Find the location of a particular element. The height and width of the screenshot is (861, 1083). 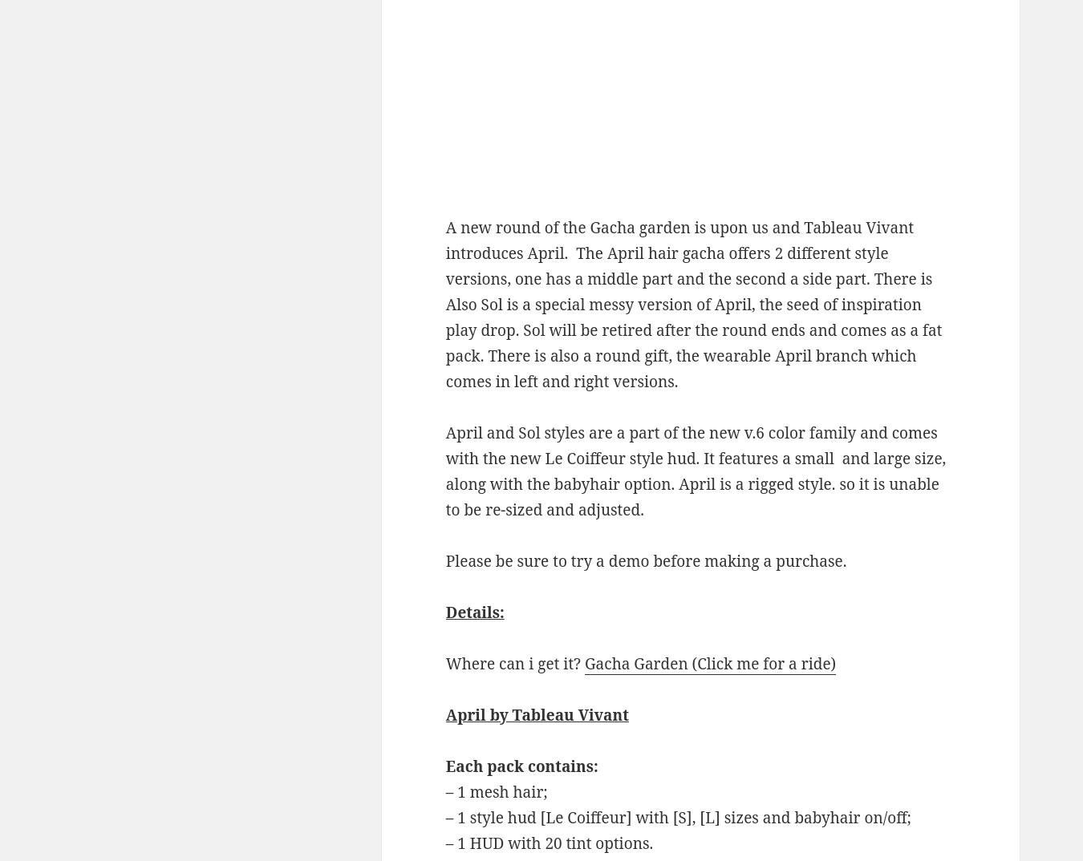

'Where can i get it?' is located at coordinates (515, 662).